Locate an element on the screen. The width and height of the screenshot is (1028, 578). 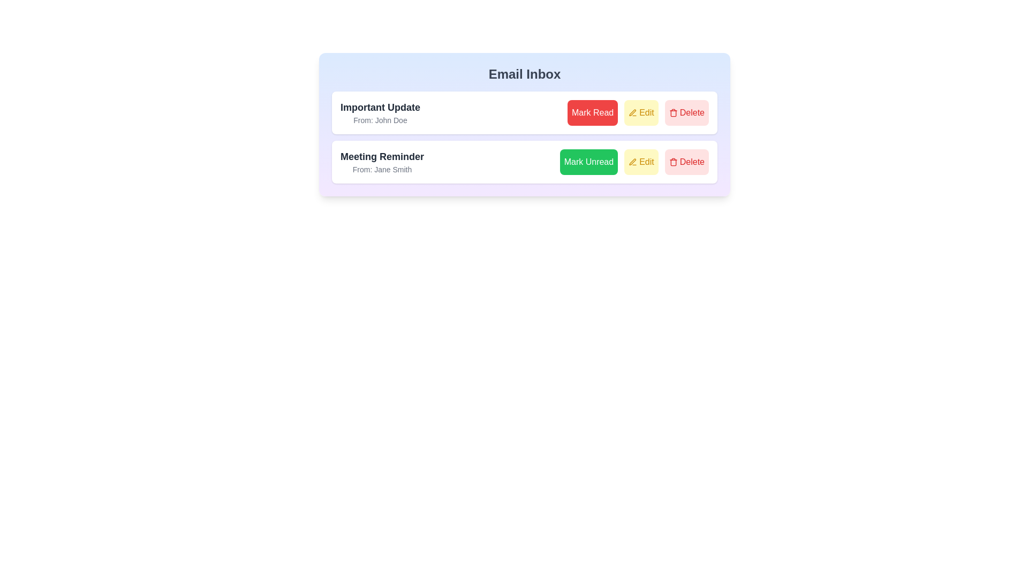
the delete button for the email with subject 'Meeting Reminder' is located at coordinates (686, 162).